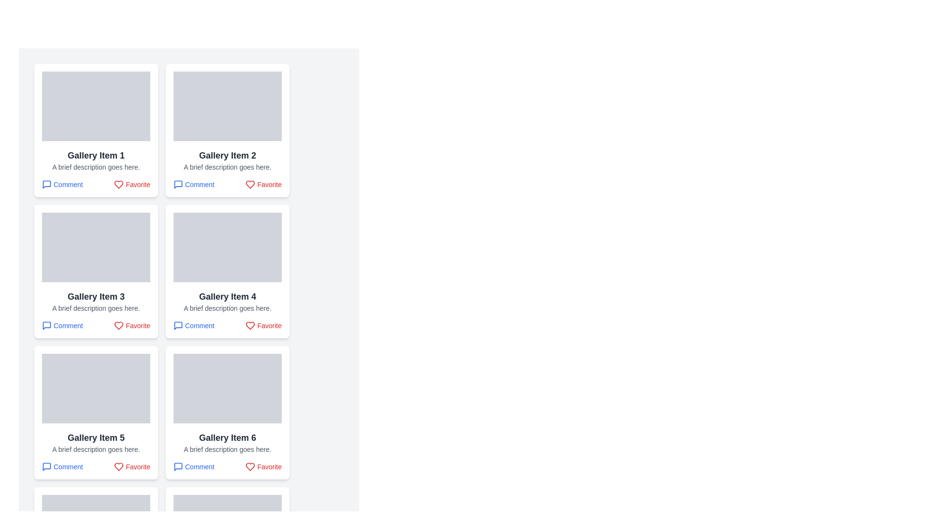  What do you see at coordinates (250, 326) in the screenshot?
I see `the heart icon located at the bottom right corner of the card labeled 'Gallery Item 4' to favorite the corresponding gallery item` at bounding box center [250, 326].